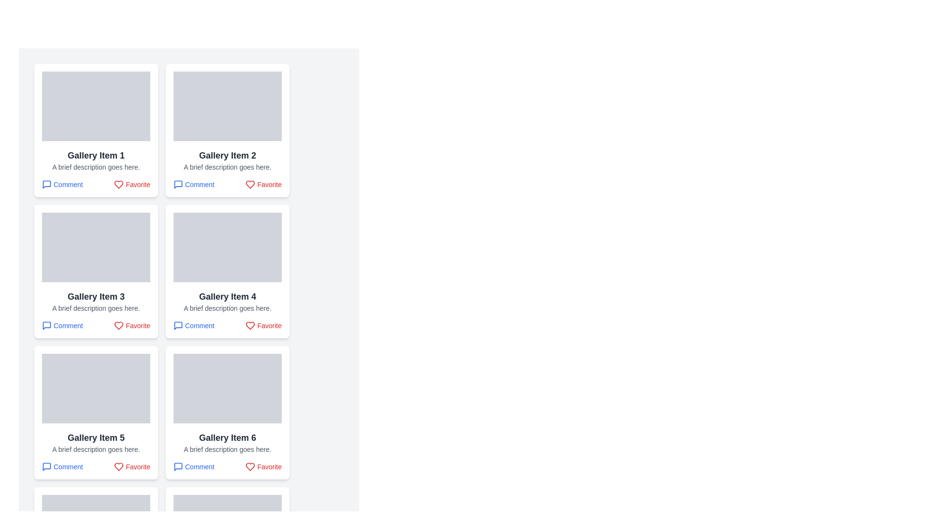  What do you see at coordinates (250, 326) in the screenshot?
I see `the heart icon located at the bottom right corner of the card labeled 'Gallery Item 4' to favorite the corresponding gallery item` at bounding box center [250, 326].